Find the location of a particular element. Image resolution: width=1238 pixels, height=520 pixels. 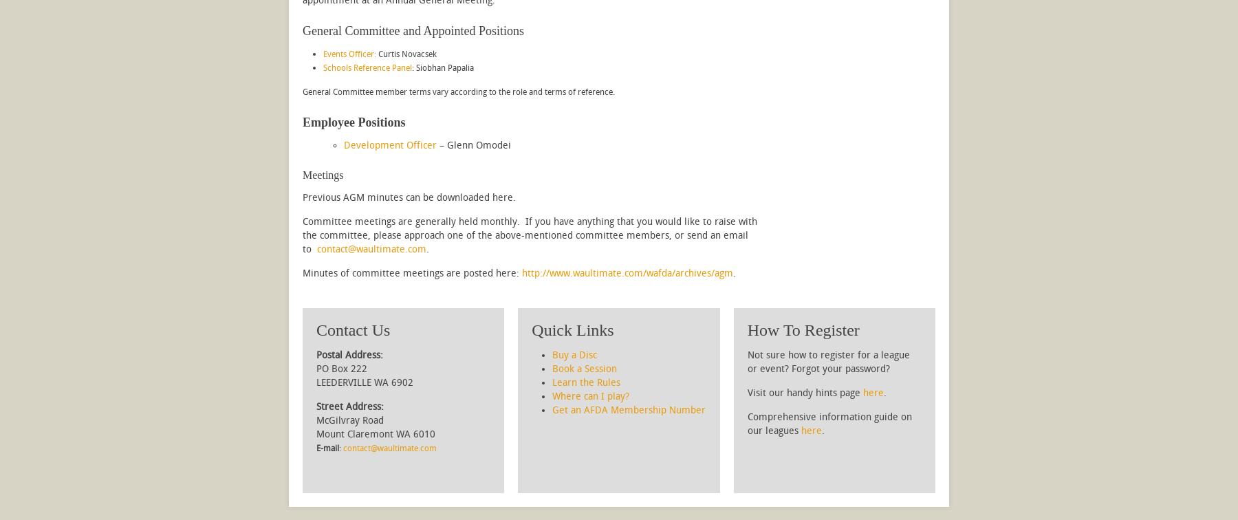

'Book a Session' is located at coordinates (584, 369).